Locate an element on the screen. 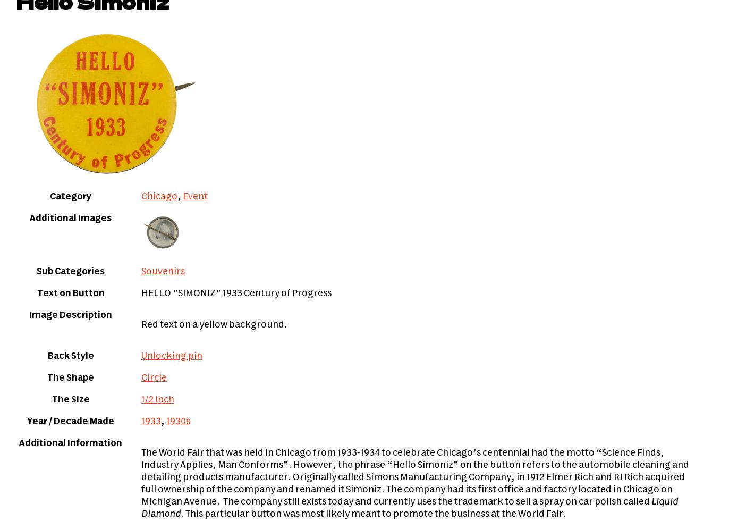 The image size is (729, 529). 'Circle' is located at coordinates (141, 378).